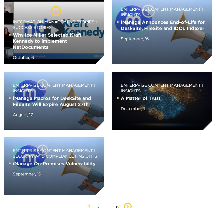 This screenshot has width=216, height=208. What do you see at coordinates (52, 101) in the screenshot?
I see `'iManage Macros for DeskSite and FileSite Will Expire August 27th'` at bounding box center [52, 101].